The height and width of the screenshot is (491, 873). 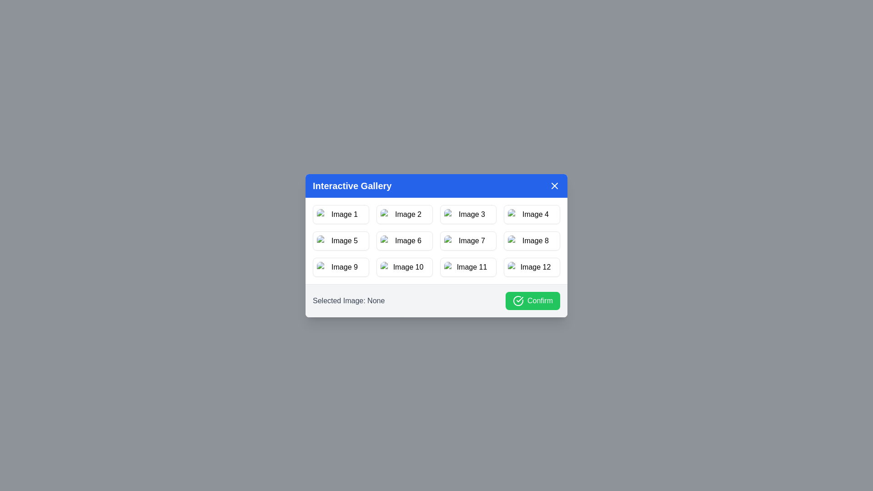 I want to click on the close button to close the dialog window, so click(x=554, y=185).